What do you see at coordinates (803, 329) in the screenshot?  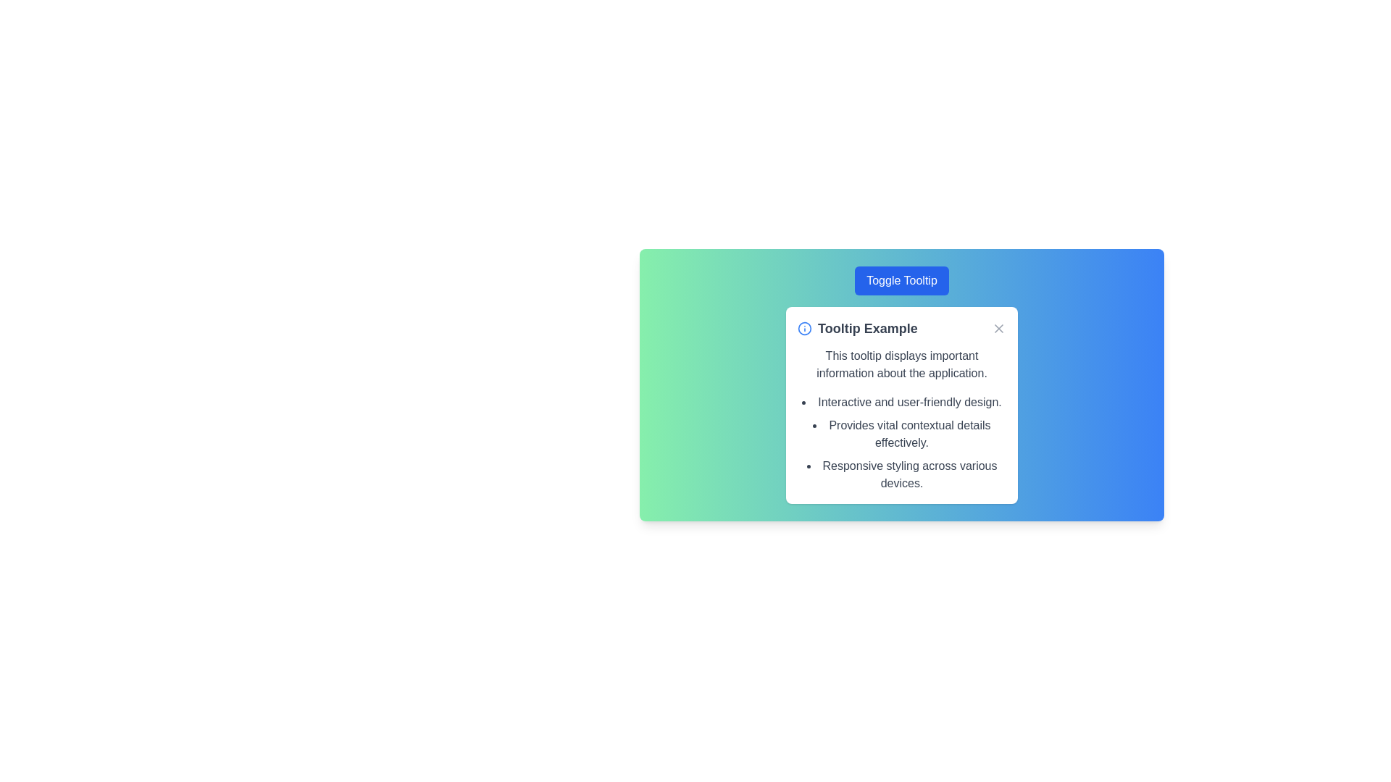 I see `the circular information icon with a blue outline and central 'i' symbol, located to the left of the title text 'Tooltip Example'` at bounding box center [803, 329].